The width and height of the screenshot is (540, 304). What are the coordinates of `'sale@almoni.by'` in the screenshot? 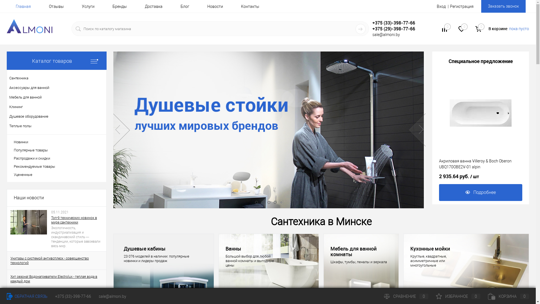 It's located at (386, 34).